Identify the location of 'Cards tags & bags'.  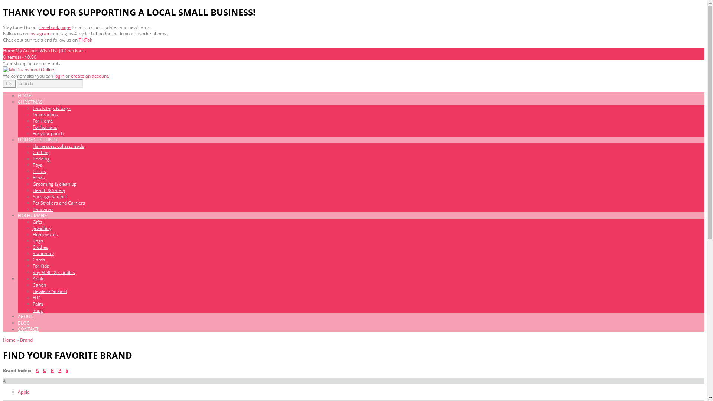
(51, 108).